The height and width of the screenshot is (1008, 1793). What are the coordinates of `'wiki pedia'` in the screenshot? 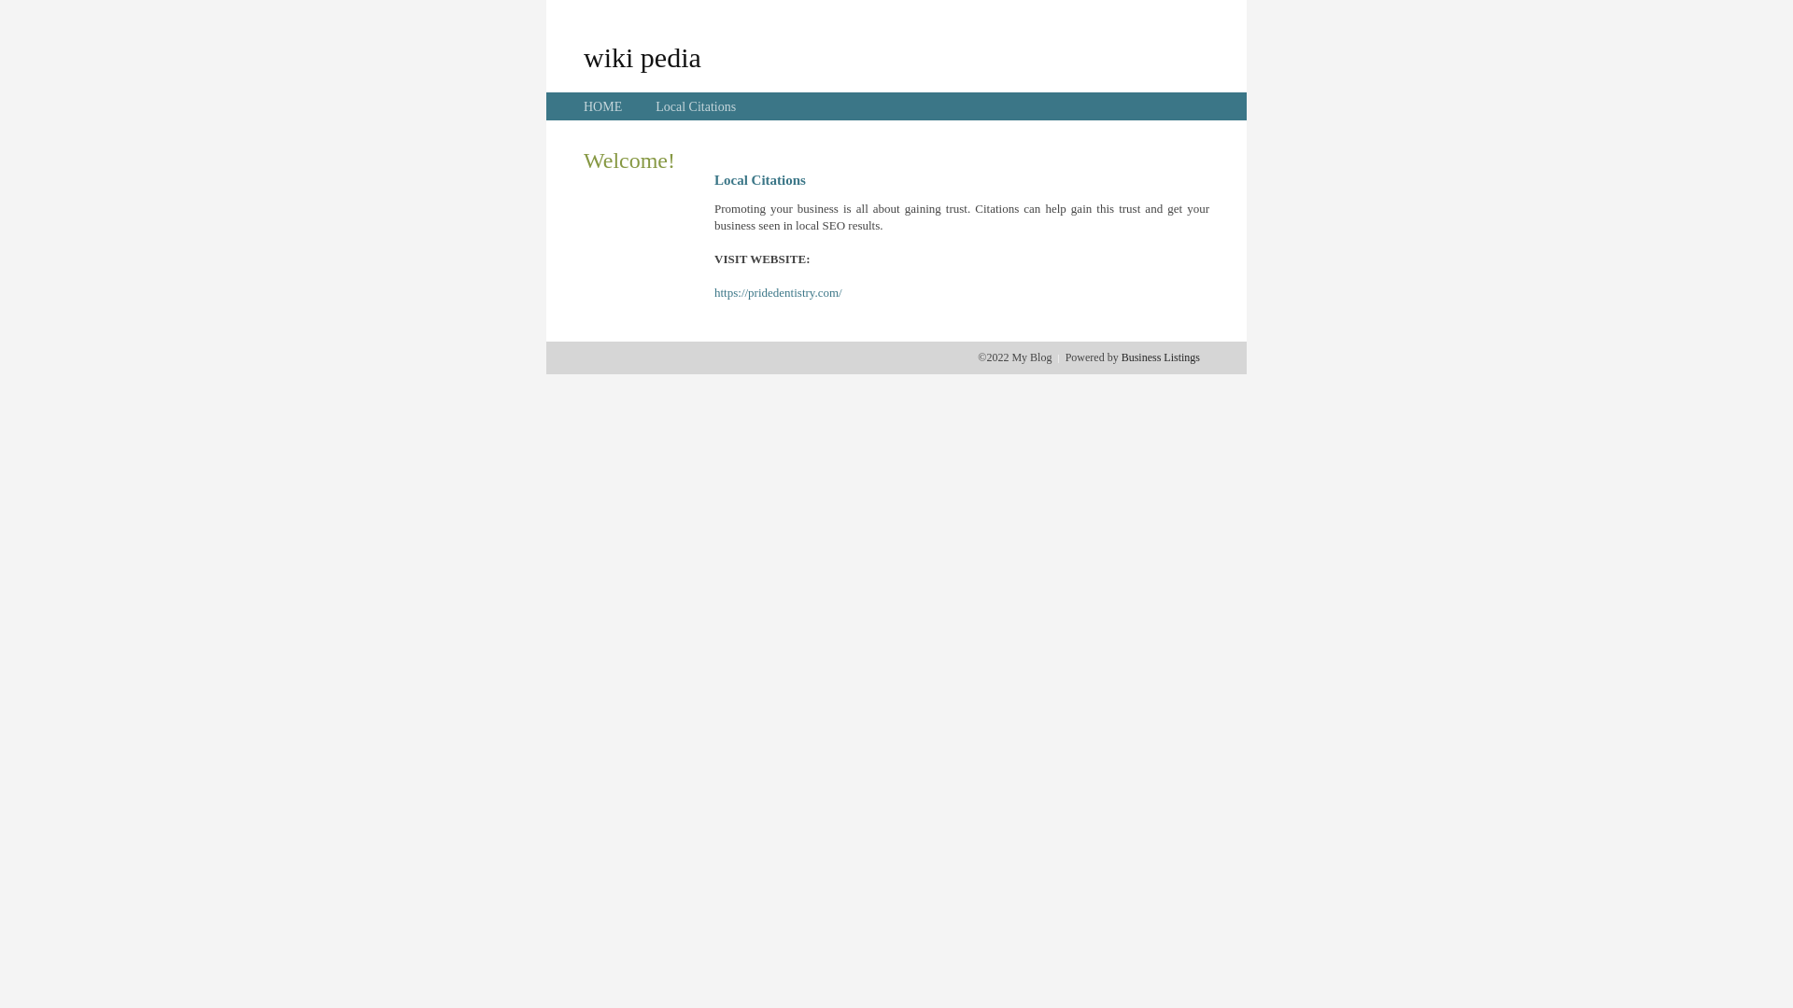 It's located at (642, 56).